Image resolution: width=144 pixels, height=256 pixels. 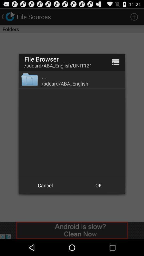 What do you see at coordinates (98, 185) in the screenshot?
I see `item next to the cancel button` at bounding box center [98, 185].